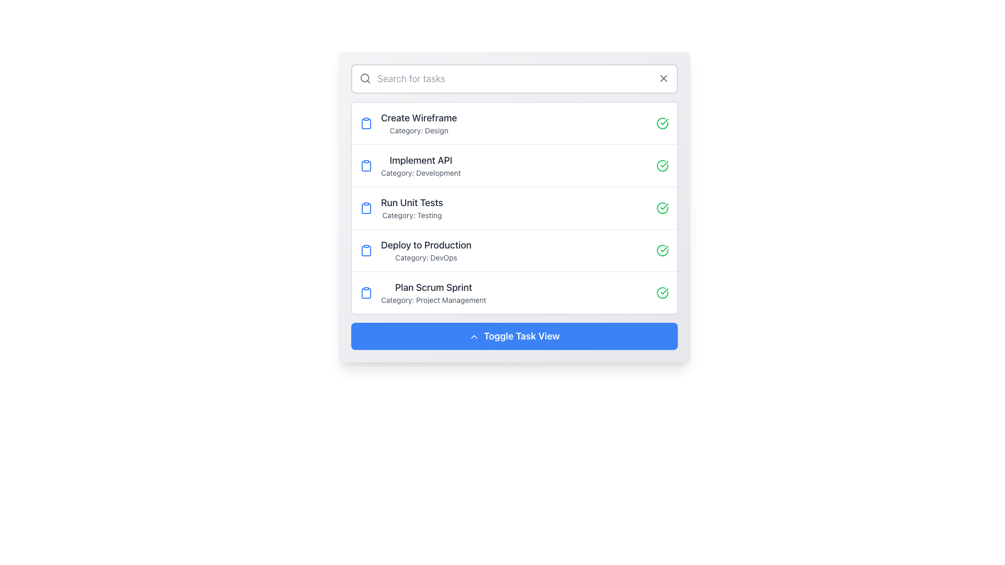 The width and height of the screenshot is (1005, 565). Describe the element at coordinates (662, 250) in the screenshot. I see `the status icon indicating the successful completion of the 'Deploy to Production' task located on the far right side of the 'Deploy to Production Category: DevOps' row` at that location.